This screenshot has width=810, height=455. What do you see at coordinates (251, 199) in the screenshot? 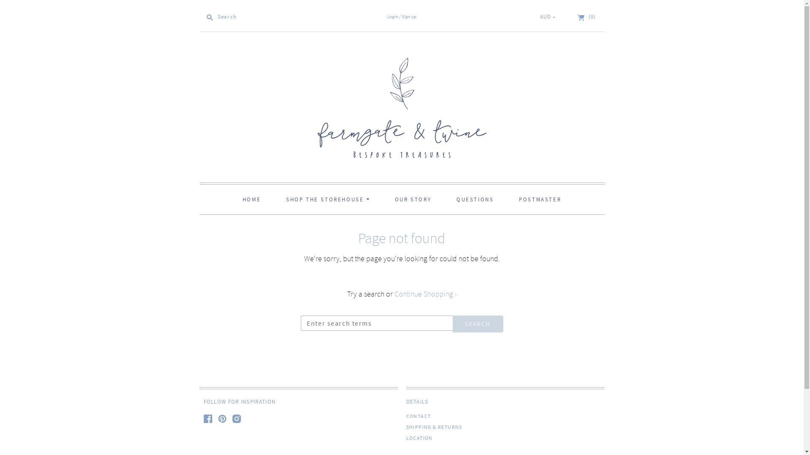
I see `'HOME'` at bounding box center [251, 199].